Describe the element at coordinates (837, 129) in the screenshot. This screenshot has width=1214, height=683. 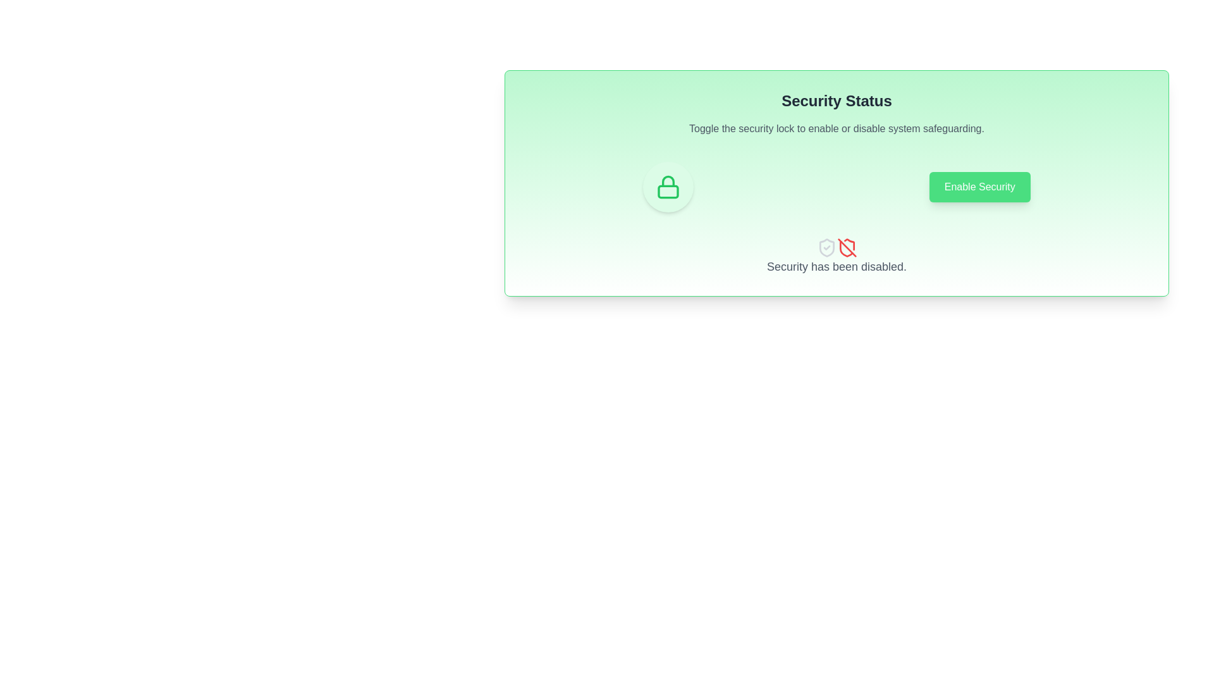
I see `the static informational text block that displays 'Toggle the security lock to enable or disable system safeguarding.' which is positioned below the 'Security Status' heading and above the security lock icon` at that location.